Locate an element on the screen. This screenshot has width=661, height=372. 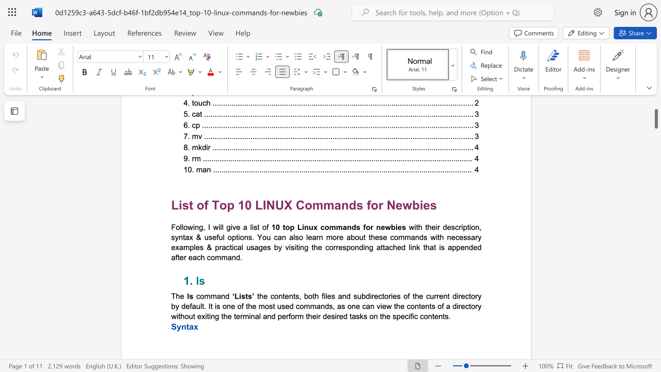
the 1th character "g" in the text is located at coordinates (201, 226).